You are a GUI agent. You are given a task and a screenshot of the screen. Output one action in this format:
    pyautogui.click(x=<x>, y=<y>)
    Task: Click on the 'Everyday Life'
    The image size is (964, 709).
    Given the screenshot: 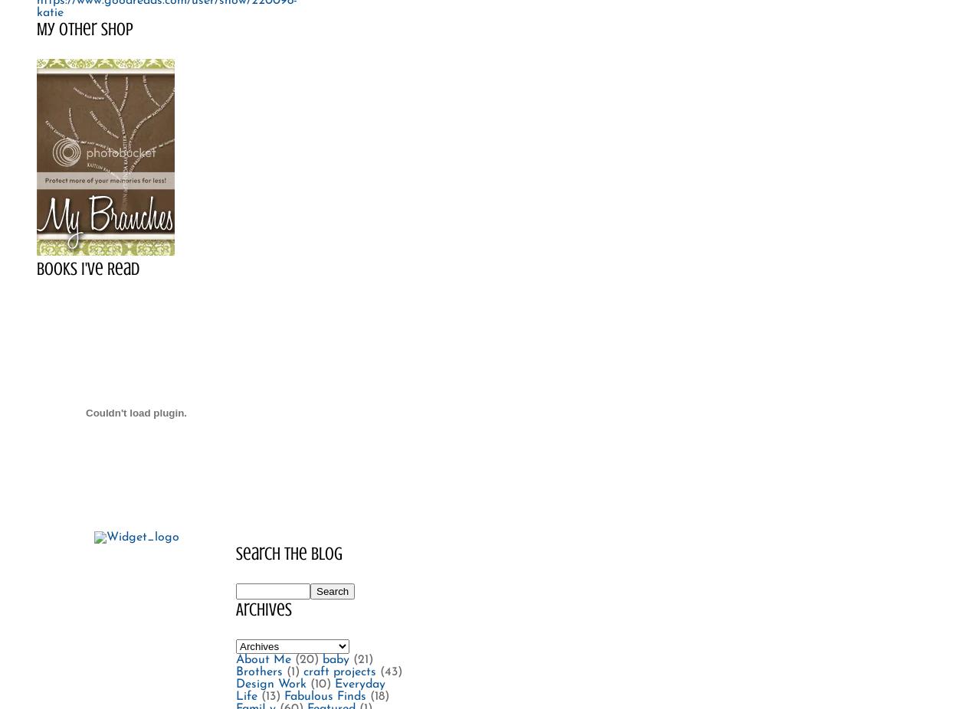 What is the action you would take?
    pyautogui.click(x=310, y=689)
    